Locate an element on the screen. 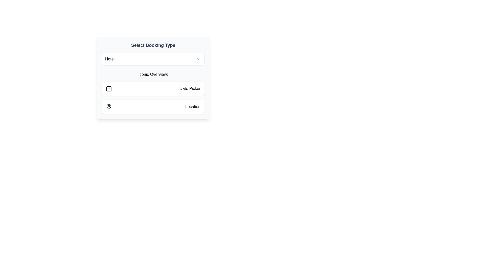 The image size is (483, 272). the text label reading 'Hotel' is located at coordinates (109, 59).